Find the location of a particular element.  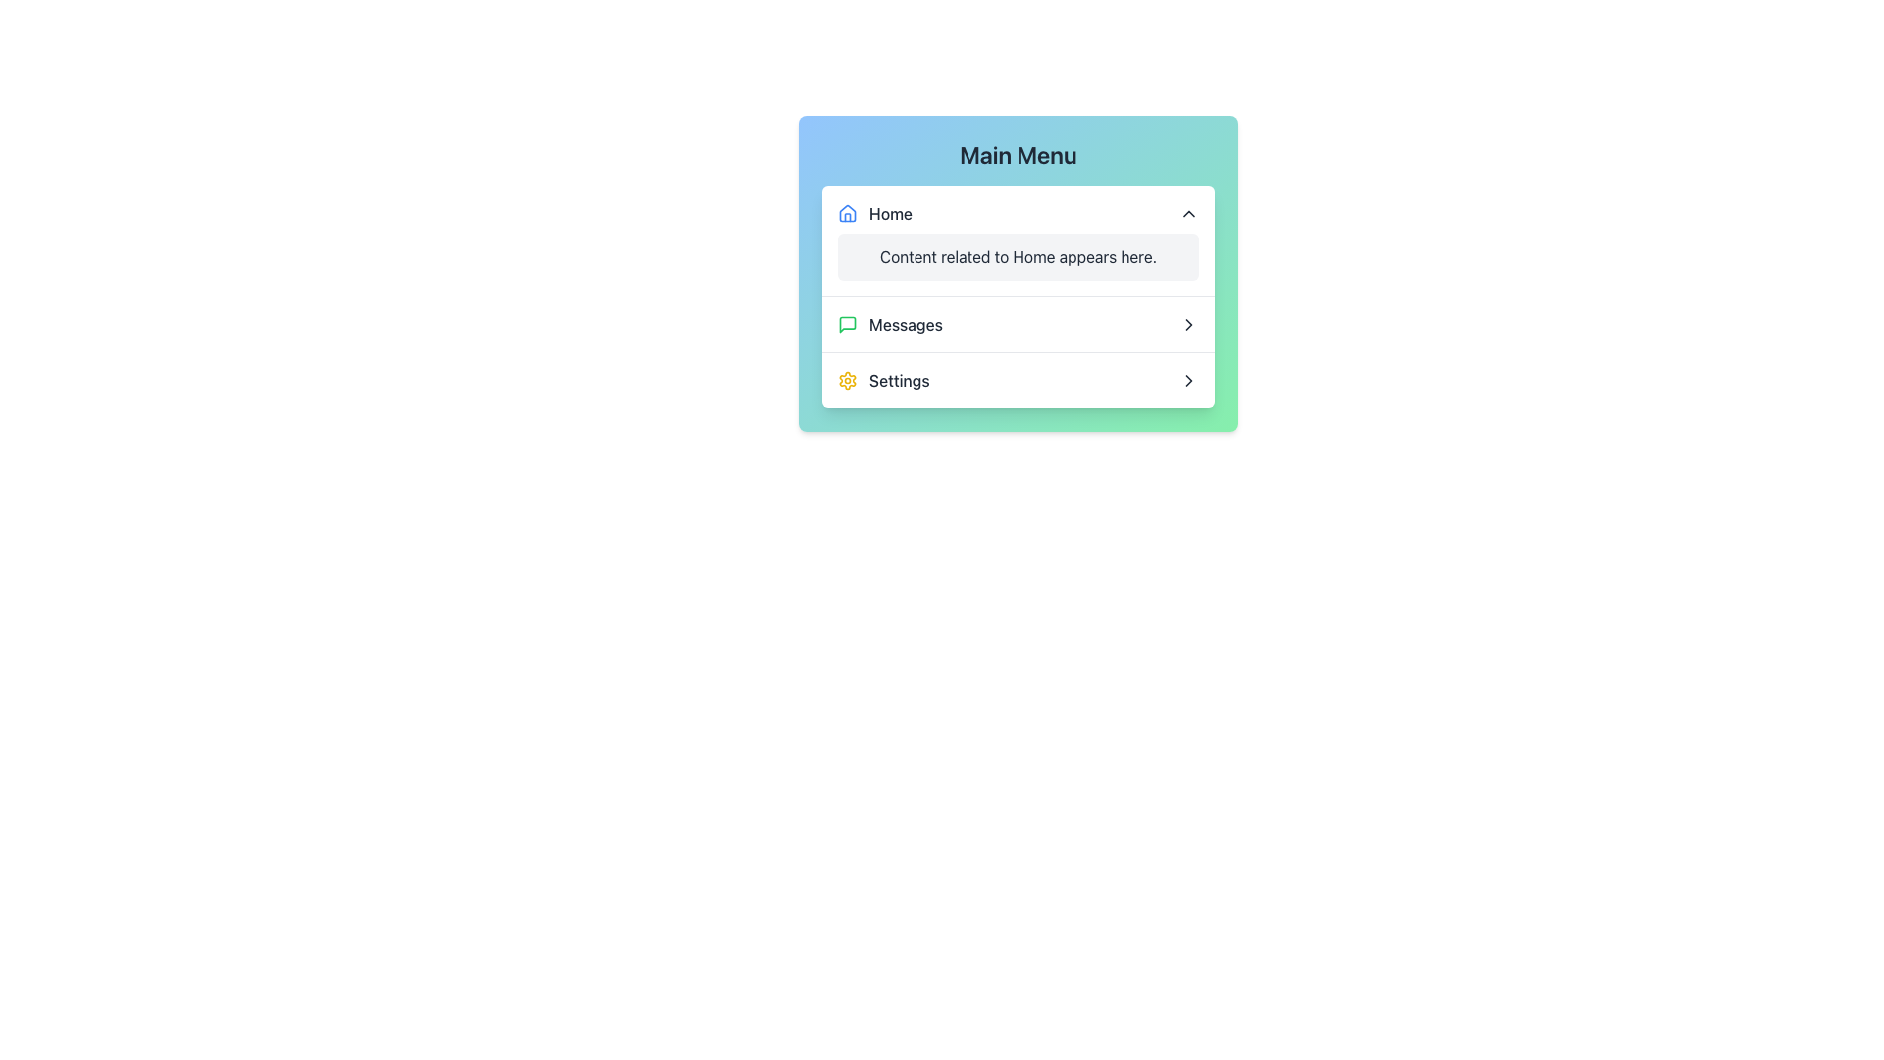

the icon located at the right end of the 'Settings' row in the menu interface is located at coordinates (1187, 381).